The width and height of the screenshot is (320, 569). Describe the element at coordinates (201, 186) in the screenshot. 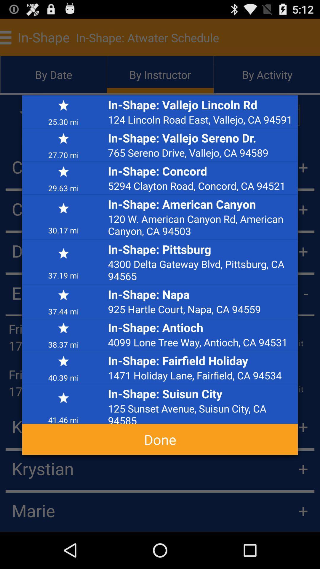

I see `icon below in-shape: concord` at that location.